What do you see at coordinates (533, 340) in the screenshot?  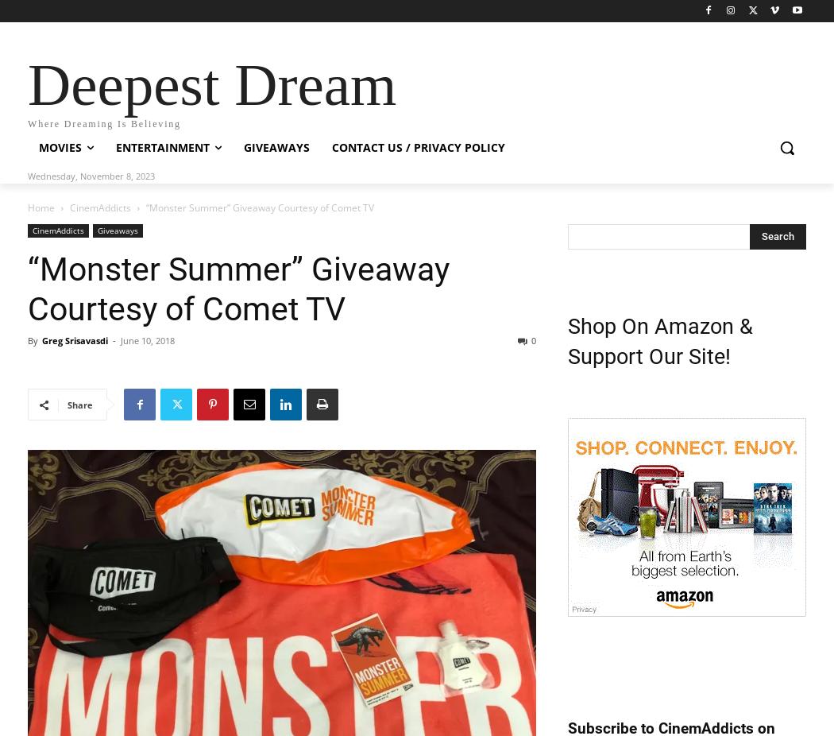 I see `'0'` at bounding box center [533, 340].